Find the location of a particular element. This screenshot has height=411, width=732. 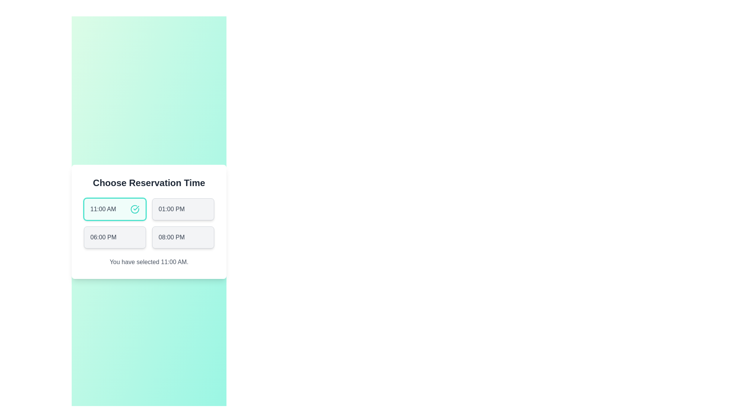

the text header displaying 'Choose Reservation Time', which is styled in large, bold, and dark gray font, located at the top of the reservation selection modal is located at coordinates (149, 183).